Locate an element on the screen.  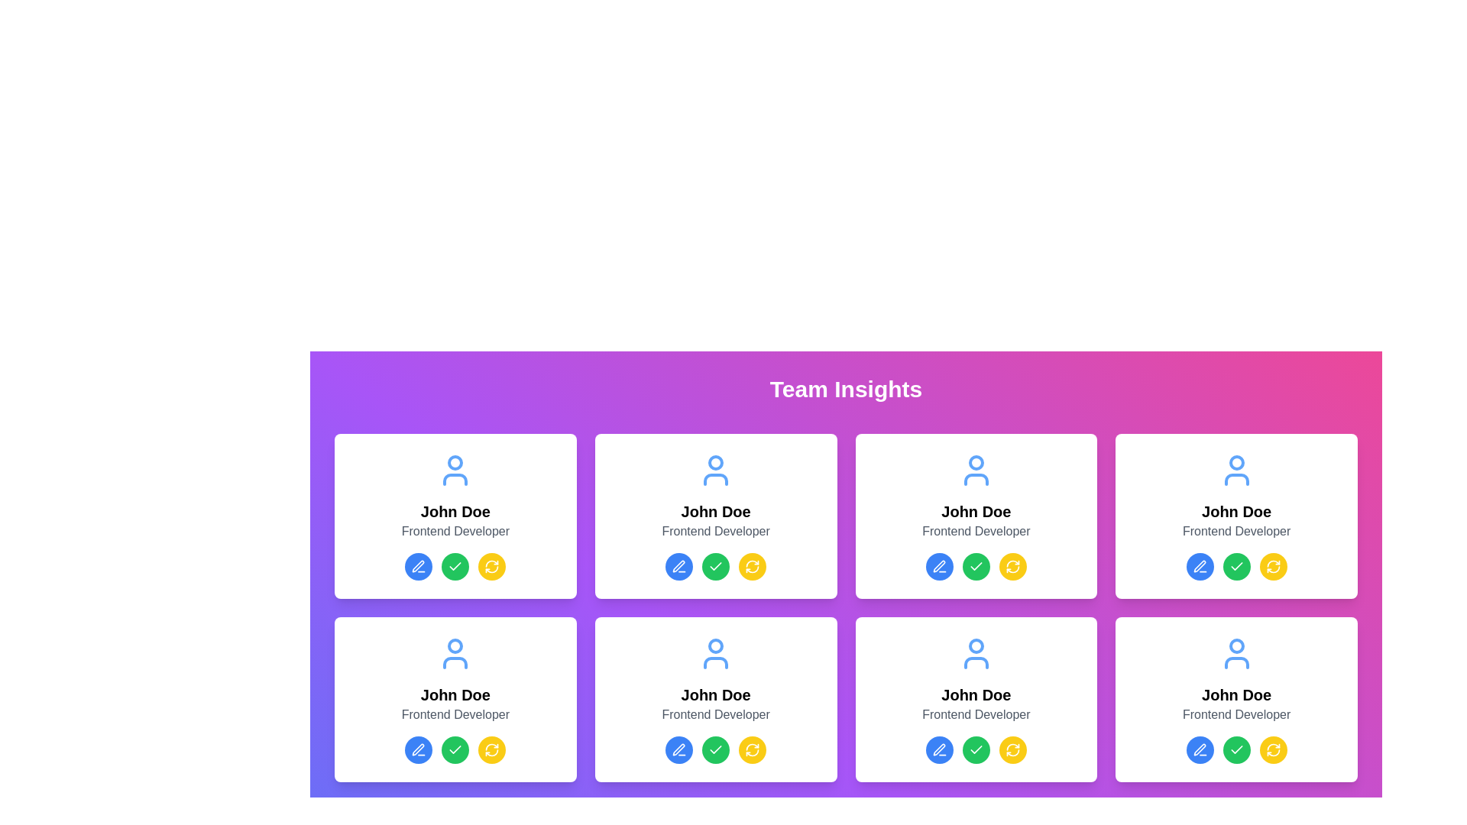
static text label indicating the profession or job title associated with the card, which is located in the third card of the top row, below the 'John Doe' name label and above three circular buttons is located at coordinates (975, 530).